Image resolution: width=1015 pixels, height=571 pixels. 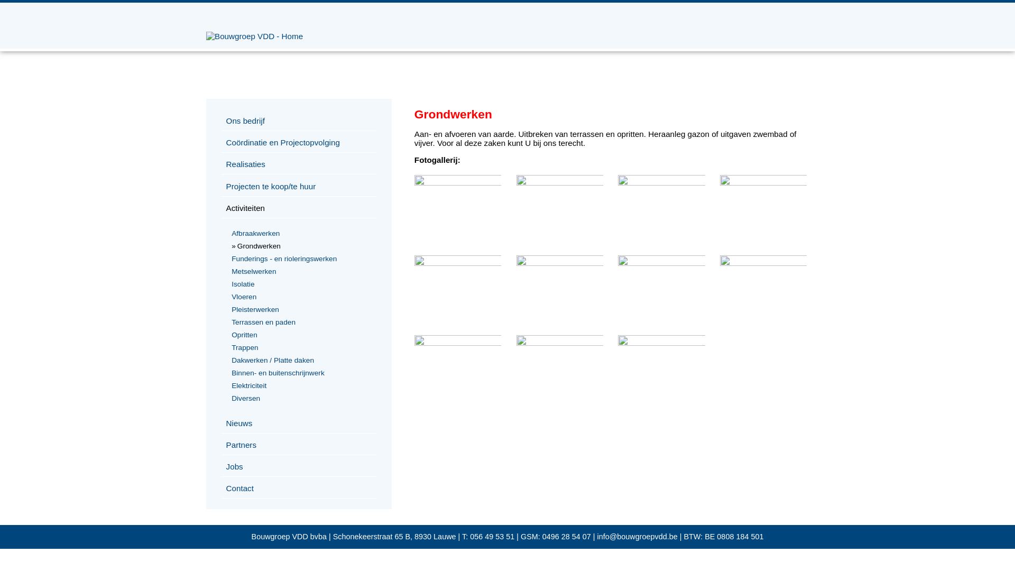 What do you see at coordinates (301, 372) in the screenshot?
I see `'Binnen- en buitenschrijnwerk'` at bounding box center [301, 372].